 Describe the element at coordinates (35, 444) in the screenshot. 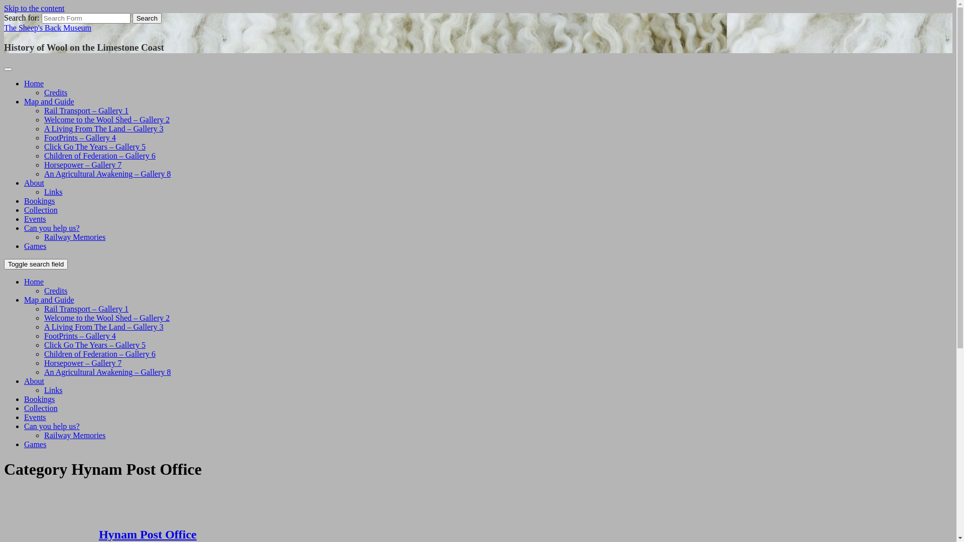

I see `'Games'` at that location.